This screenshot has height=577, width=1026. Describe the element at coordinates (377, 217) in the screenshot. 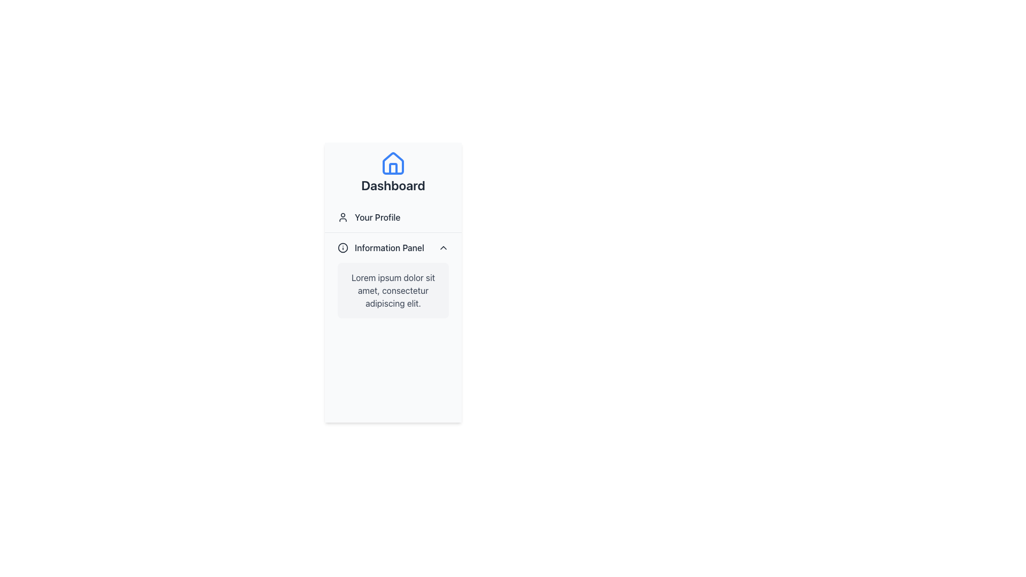

I see `the 'Your Profile' text label in the sidebar` at that location.